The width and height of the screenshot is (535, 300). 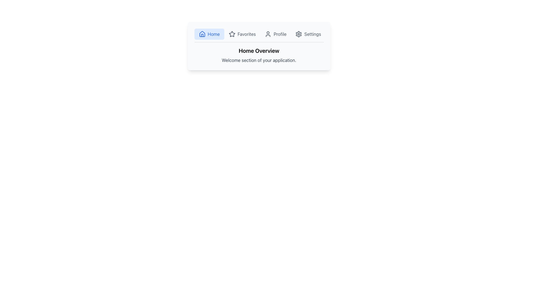 I want to click on the settings button located at the far right of the horizontal navigation bar, so click(x=308, y=34).